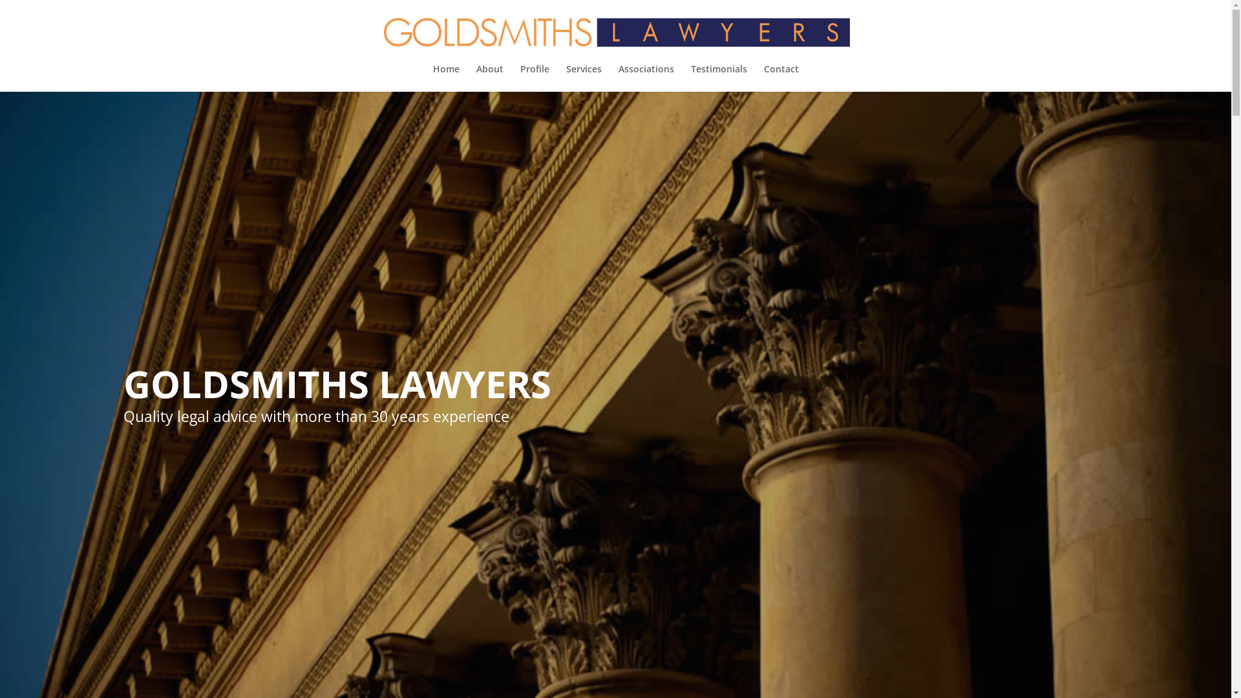 This screenshot has width=1241, height=698. What do you see at coordinates (583, 78) in the screenshot?
I see `'Services'` at bounding box center [583, 78].